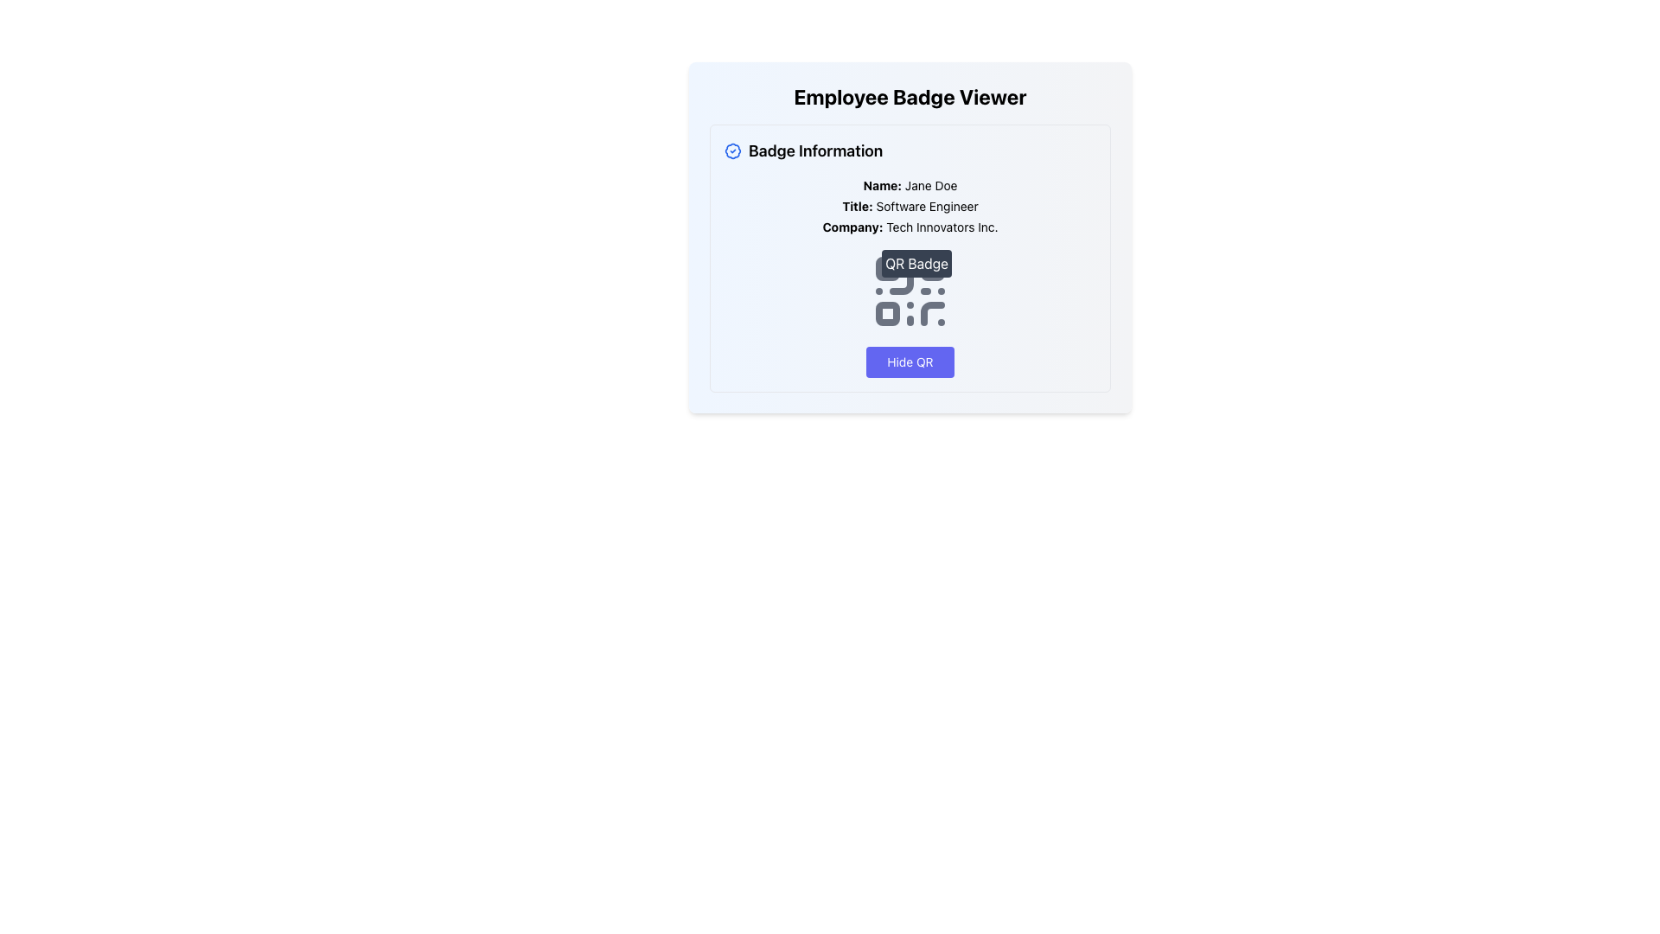  I want to click on the SVG rectangle that is part of the QR code design, located at the top-left section of the QR code, specifically forming one of the marker squares, so click(888, 269).